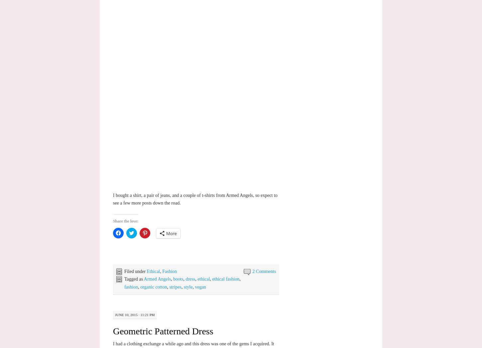  What do you see at coordinates (163, 330) in the screenshot?
I see `'Geometric Patterned Dress'` at bounding box center [163, 330].